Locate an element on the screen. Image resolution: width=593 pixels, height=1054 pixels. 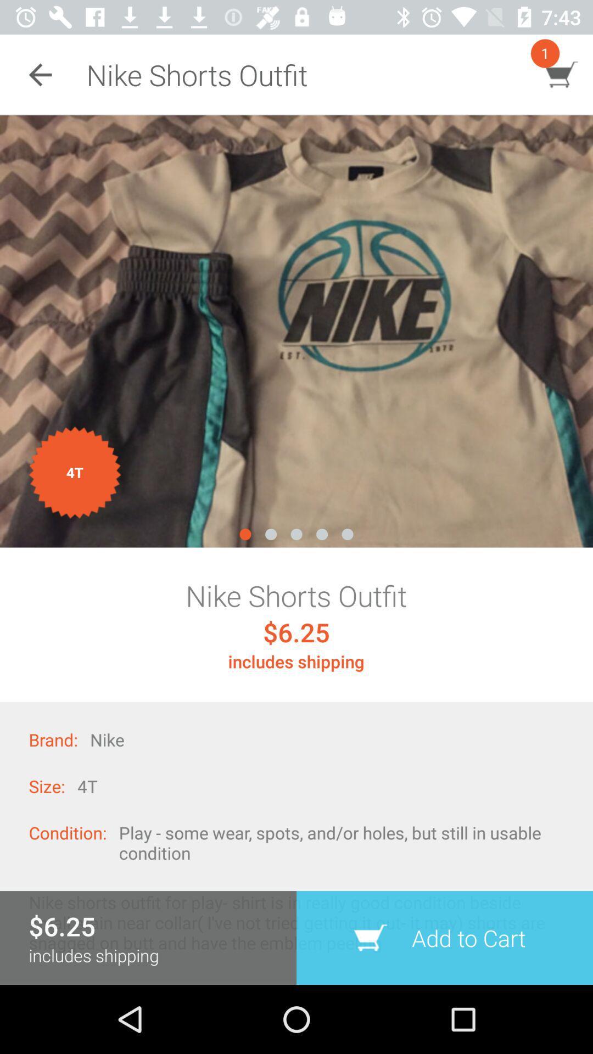
the icon to the left of the nike shorts outfit is located at coordinates (40, 74).